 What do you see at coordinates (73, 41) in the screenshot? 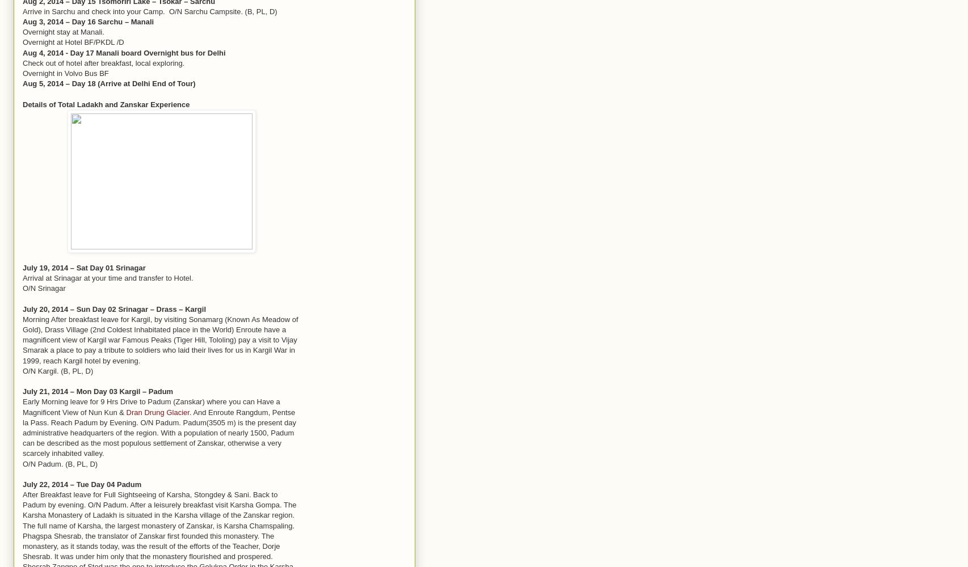
I see `'Overnight at Hotel BF/PKDL /D'` at bounding box center [73, 41].